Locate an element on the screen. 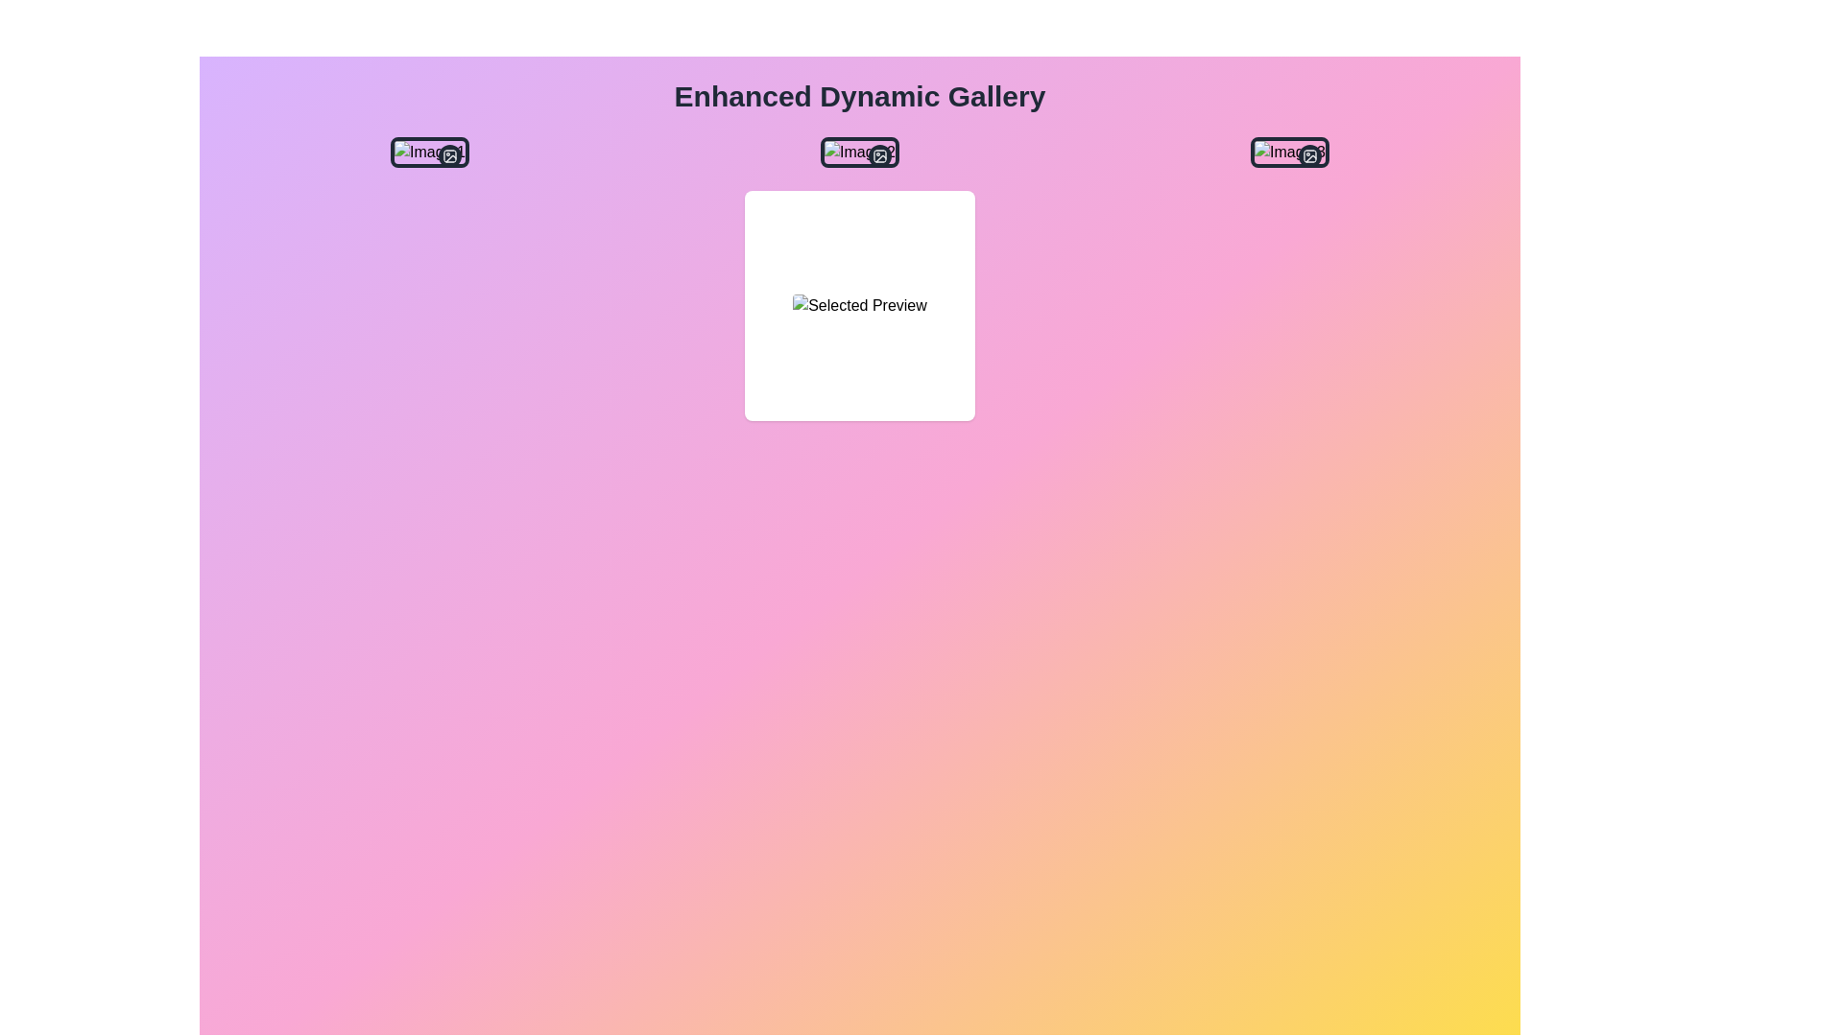  the thumbnail image labeled 'Gallery Image 1' that features a photo overlay icon to trigger a larger view display is located at coordinates (428, 151).